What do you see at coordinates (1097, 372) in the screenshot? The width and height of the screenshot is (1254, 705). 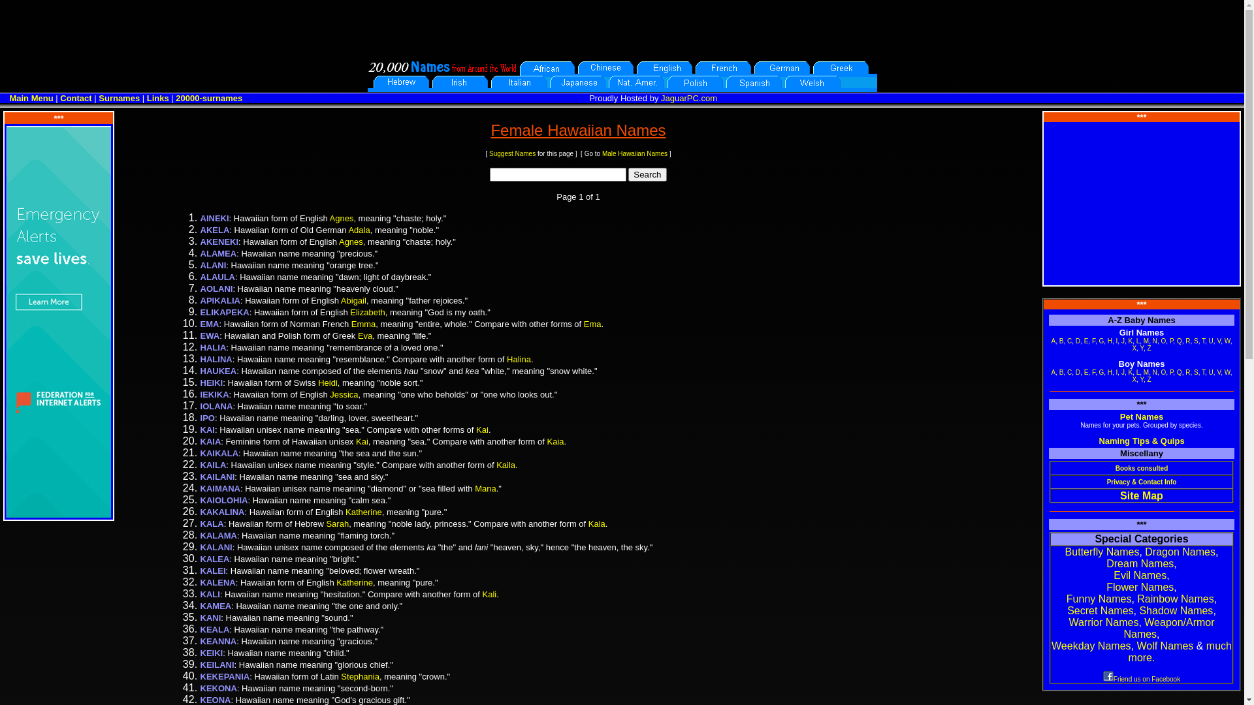 I see `'G'` at bounding box center [1097, 372].